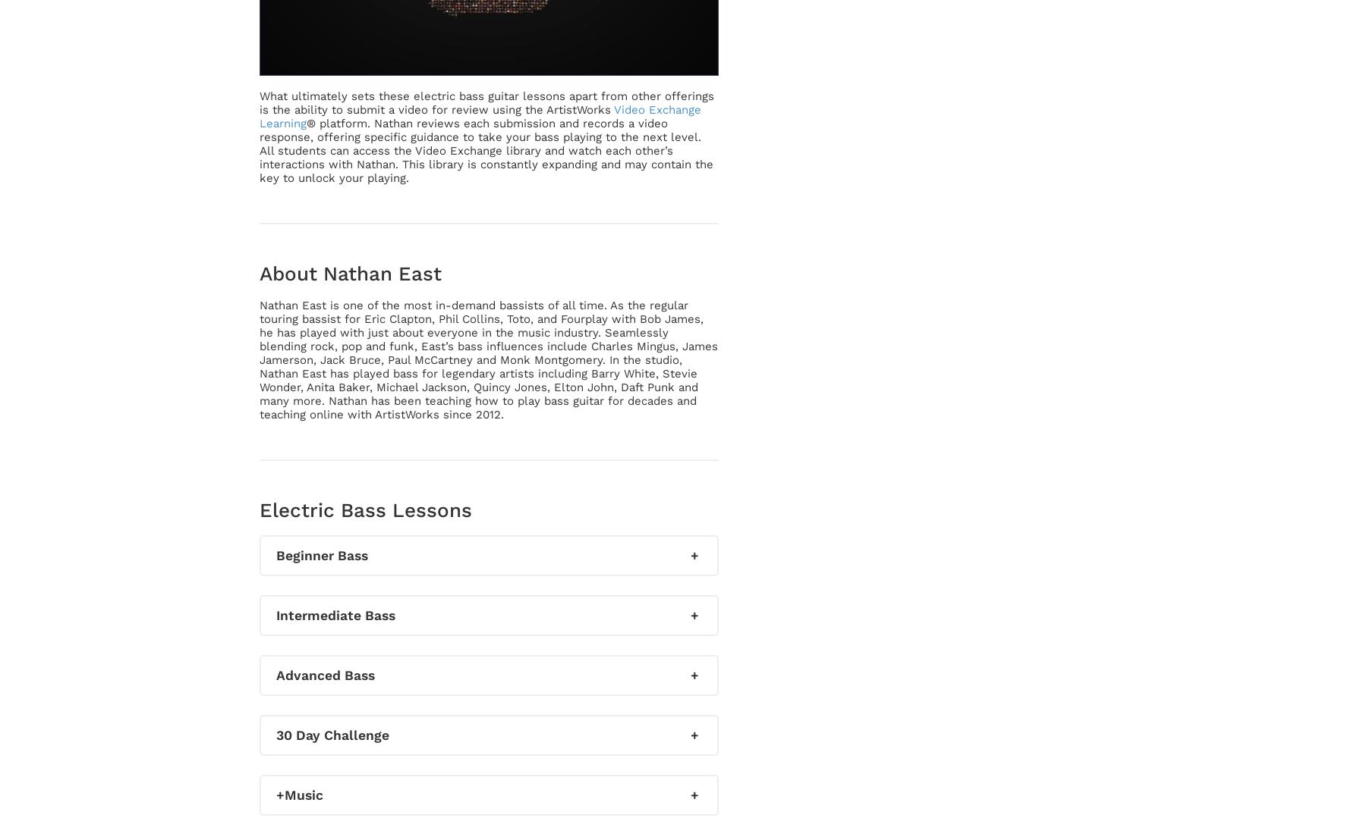 This screenshot has height=818, width=1357. What do you see at coordinates (321, 554) in the screenshot?
I see `'Beginner Bass'` at bounding box center [321, 554].